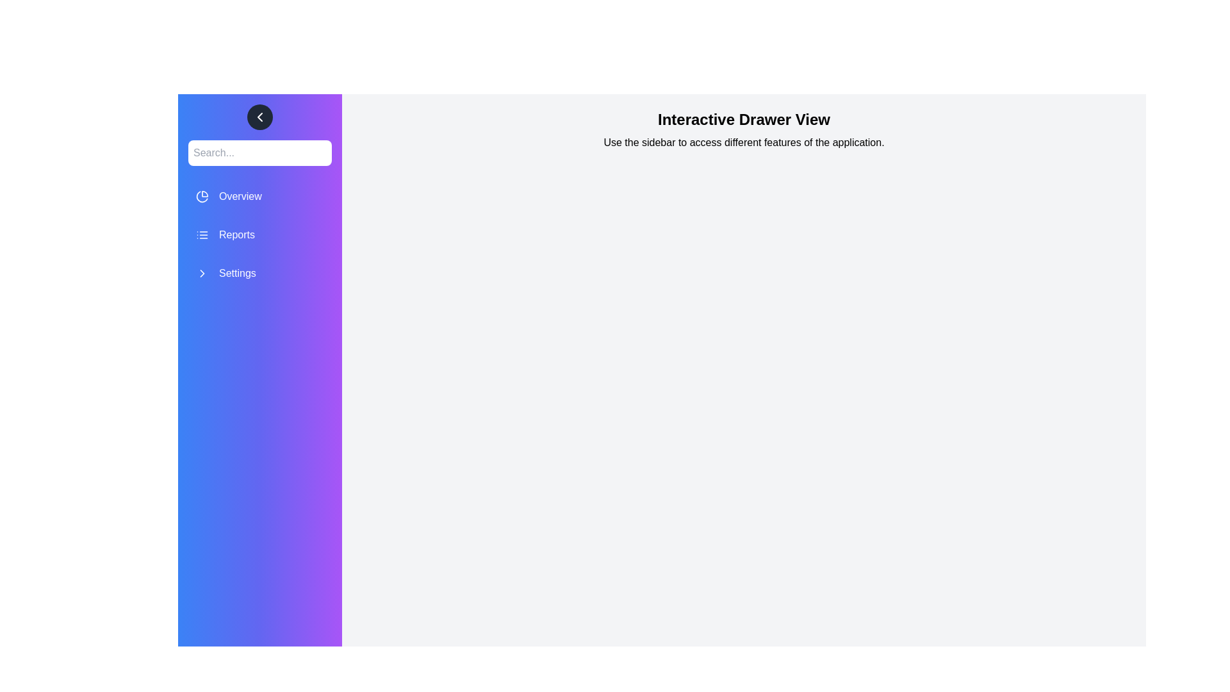  I want to click on the text 'Interactive Drawer View' in the main content area, so click(357, 108).